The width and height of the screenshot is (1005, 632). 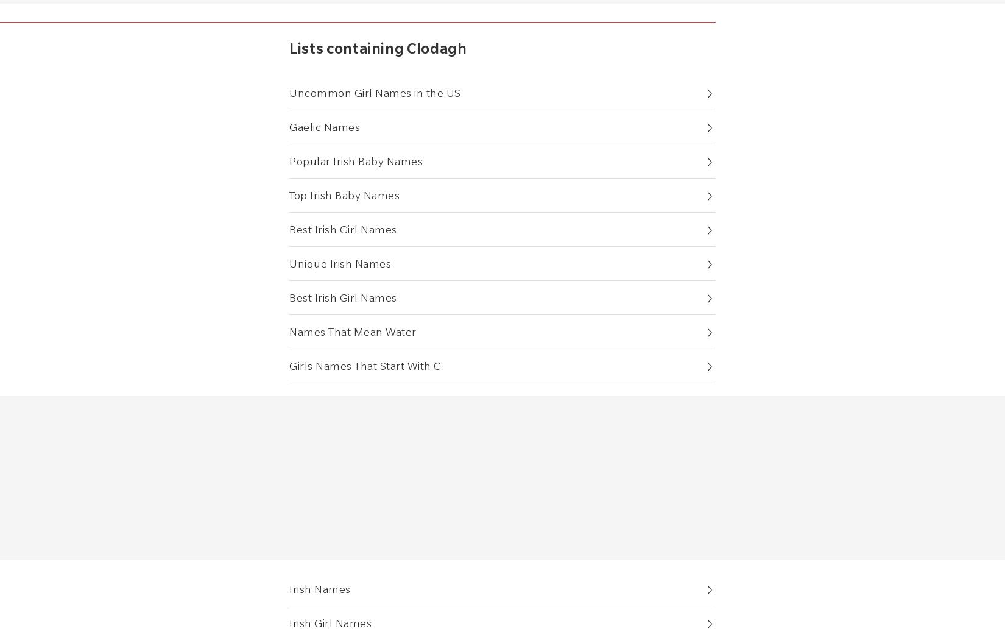 What do you see at coordinates (351, 331) in the screenshot?
I see `'Names That Mean Water'` at bounding box center [351, 331].